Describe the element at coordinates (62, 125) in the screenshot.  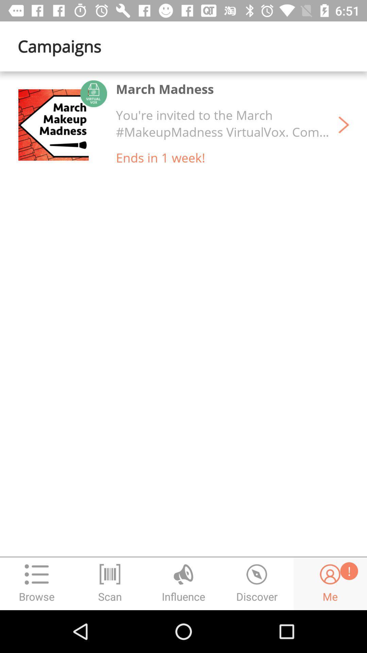
I see `the icon below the campaigns item` at that location.